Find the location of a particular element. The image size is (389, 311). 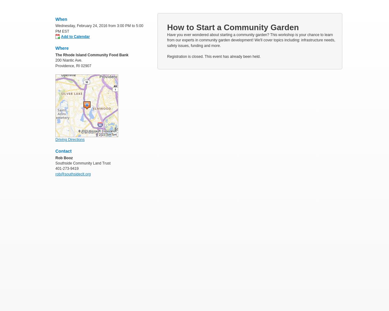

'200 Niantic Ave.' is located at coordinates (55, 60).